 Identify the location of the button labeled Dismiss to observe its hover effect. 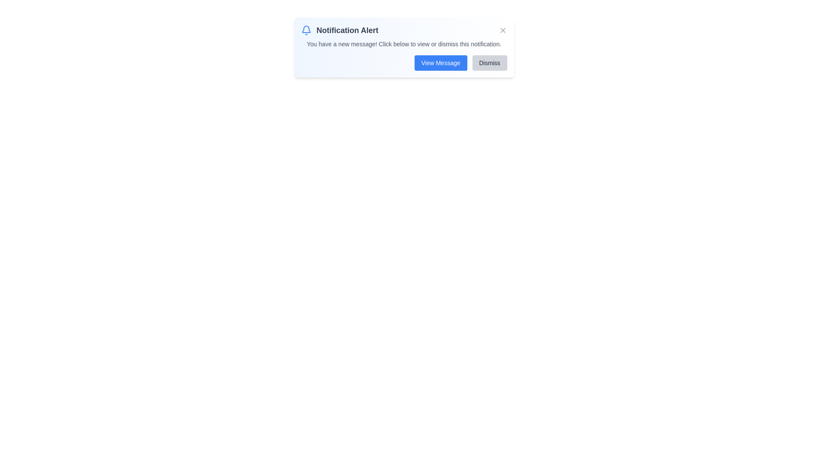
(490, 62).